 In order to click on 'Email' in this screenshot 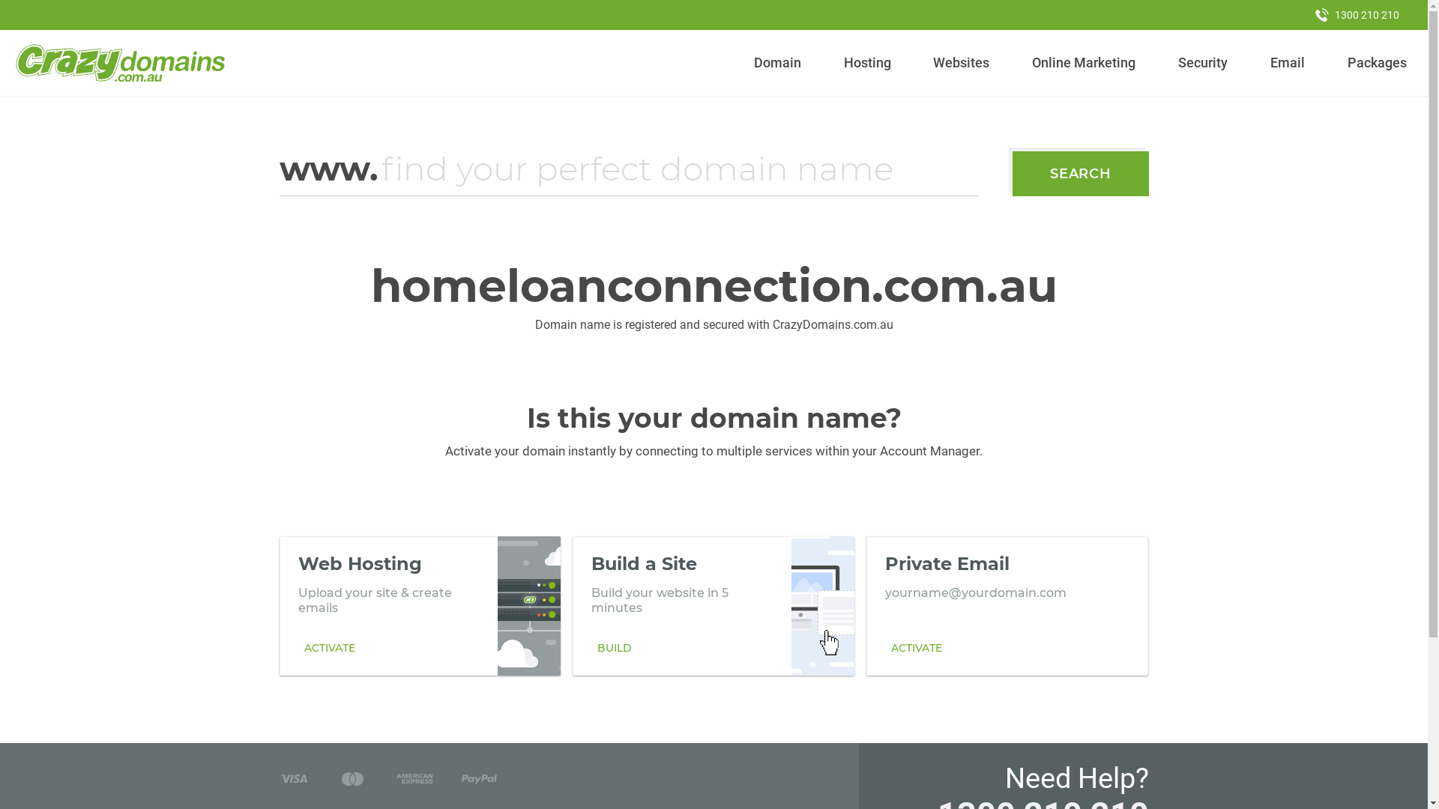, I will do `click(1286, 62)`.